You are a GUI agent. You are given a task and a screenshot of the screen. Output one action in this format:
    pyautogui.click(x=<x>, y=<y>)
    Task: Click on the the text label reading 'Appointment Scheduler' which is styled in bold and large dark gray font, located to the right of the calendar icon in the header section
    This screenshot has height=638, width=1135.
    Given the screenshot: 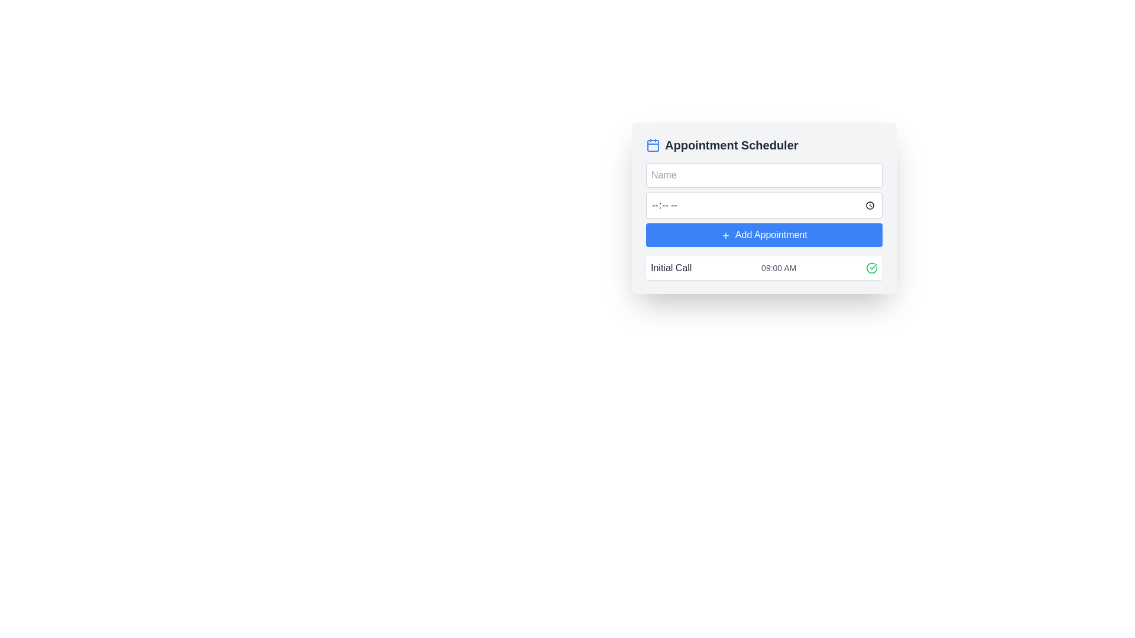 What is the action you would take?
    pyautogui.click(x=731, y=145)
    